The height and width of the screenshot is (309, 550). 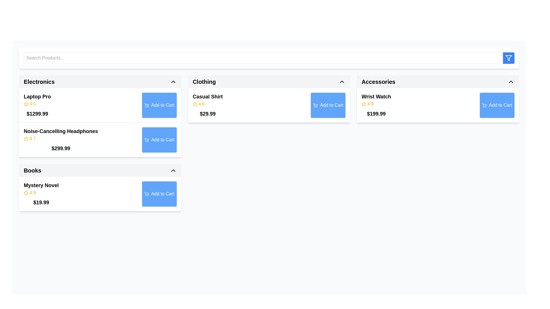 I want to click on the filter button located on the right side of the search bar above the product sections, so click(x=269, y=58).